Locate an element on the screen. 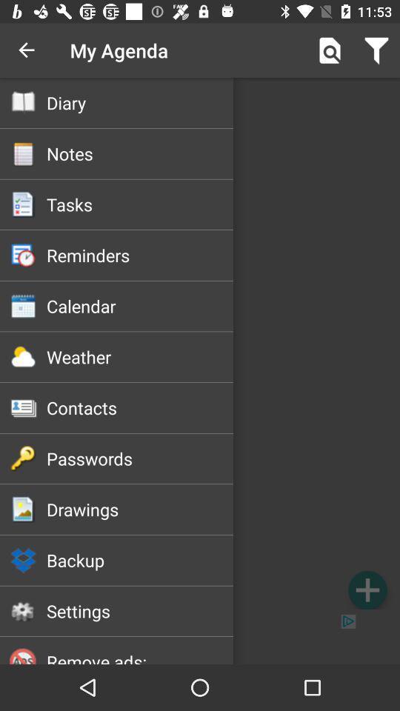 Image resolution: width=400 pixels, height=711 pixels. the icon above the contacts item is located at coordinates (140, 356).